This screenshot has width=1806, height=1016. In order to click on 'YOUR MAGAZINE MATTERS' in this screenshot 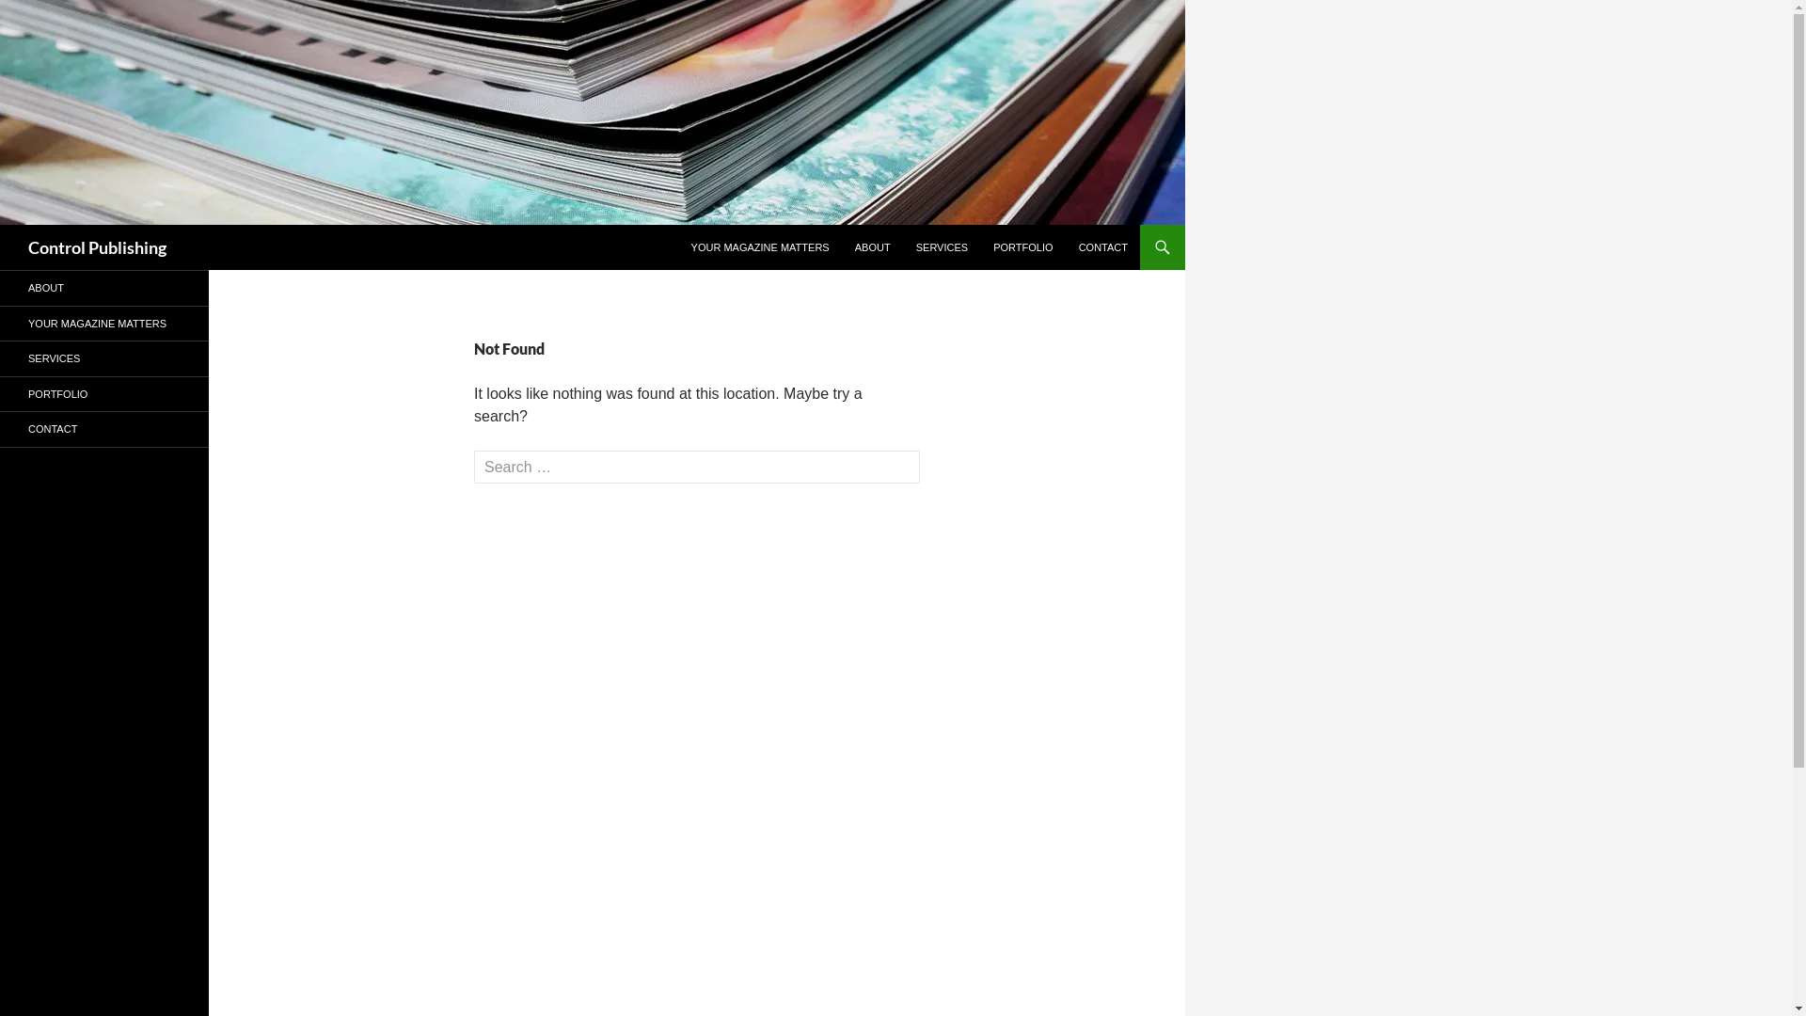, I will do `click(760, 246)`.